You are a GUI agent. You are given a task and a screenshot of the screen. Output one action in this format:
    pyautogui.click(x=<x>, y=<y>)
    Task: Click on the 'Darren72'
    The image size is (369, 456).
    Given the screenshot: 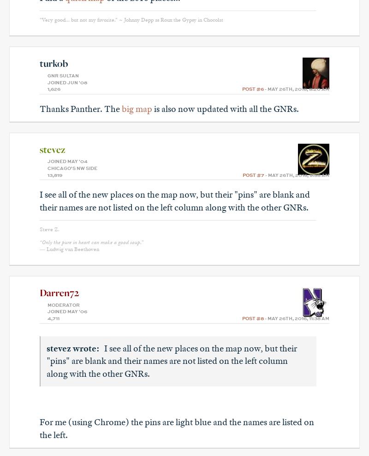 What is the action you would take?
    pyautogui.click(x=59, y=292)
    